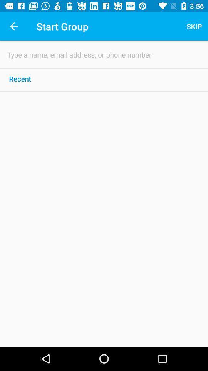 The width and height of the screenshot is (208, 371). What do you see at coordinates (194, 26) in the screenshot?
I see `the icon at the top right corner` at bounding box center [194, 26].